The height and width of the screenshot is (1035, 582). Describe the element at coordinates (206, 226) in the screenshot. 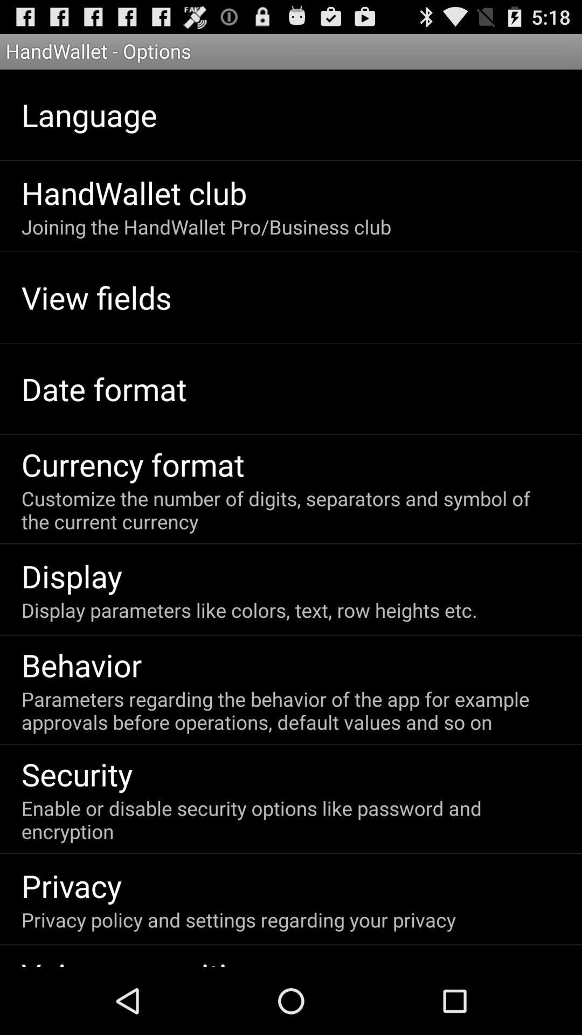

I see `app above view fields app` at that location.